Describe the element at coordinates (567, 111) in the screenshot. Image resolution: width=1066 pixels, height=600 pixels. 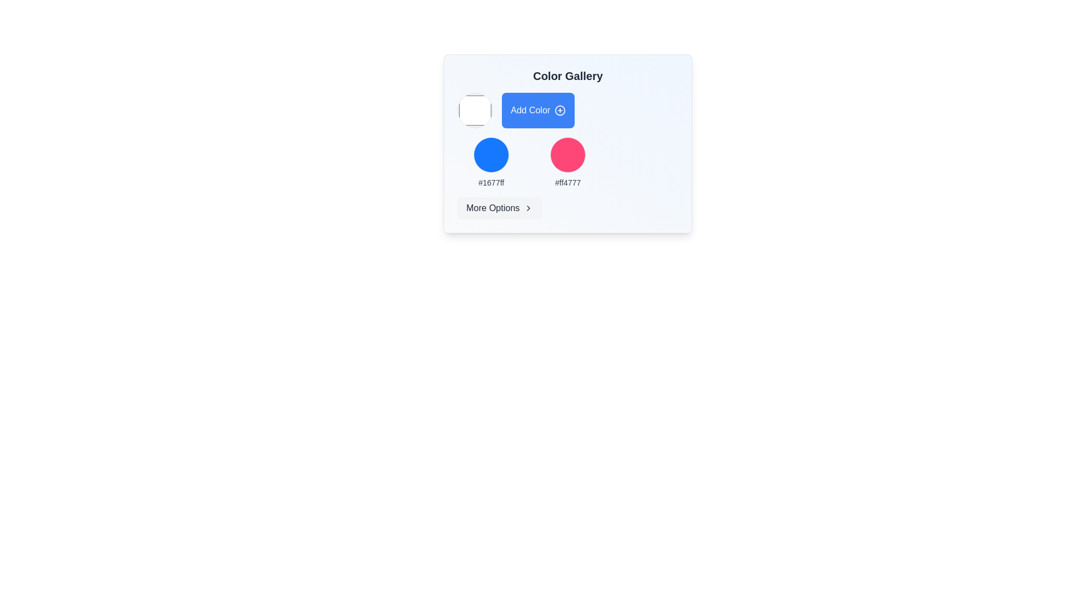
I see `the 'Add Color' button, which has a blue background and white text, located below the 'Color Gallery' heading and to the right of a circular color picker` at that location.